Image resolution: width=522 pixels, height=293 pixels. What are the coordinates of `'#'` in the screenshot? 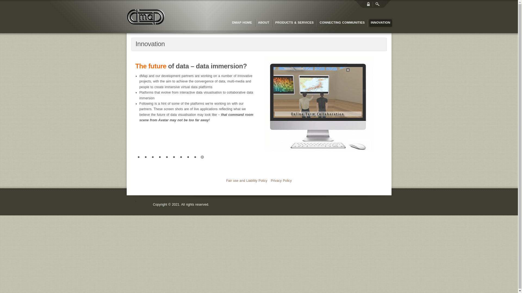 It's located at (160, 157).